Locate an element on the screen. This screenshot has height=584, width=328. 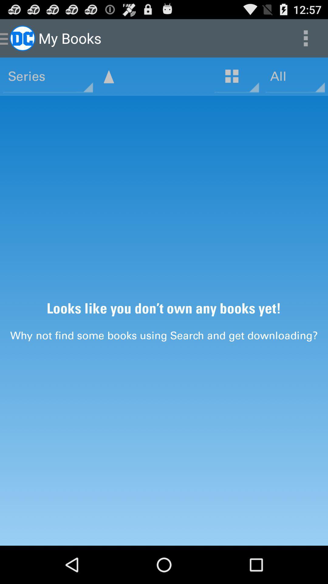
icon above the looks like you is located at coordinates (108, 76).